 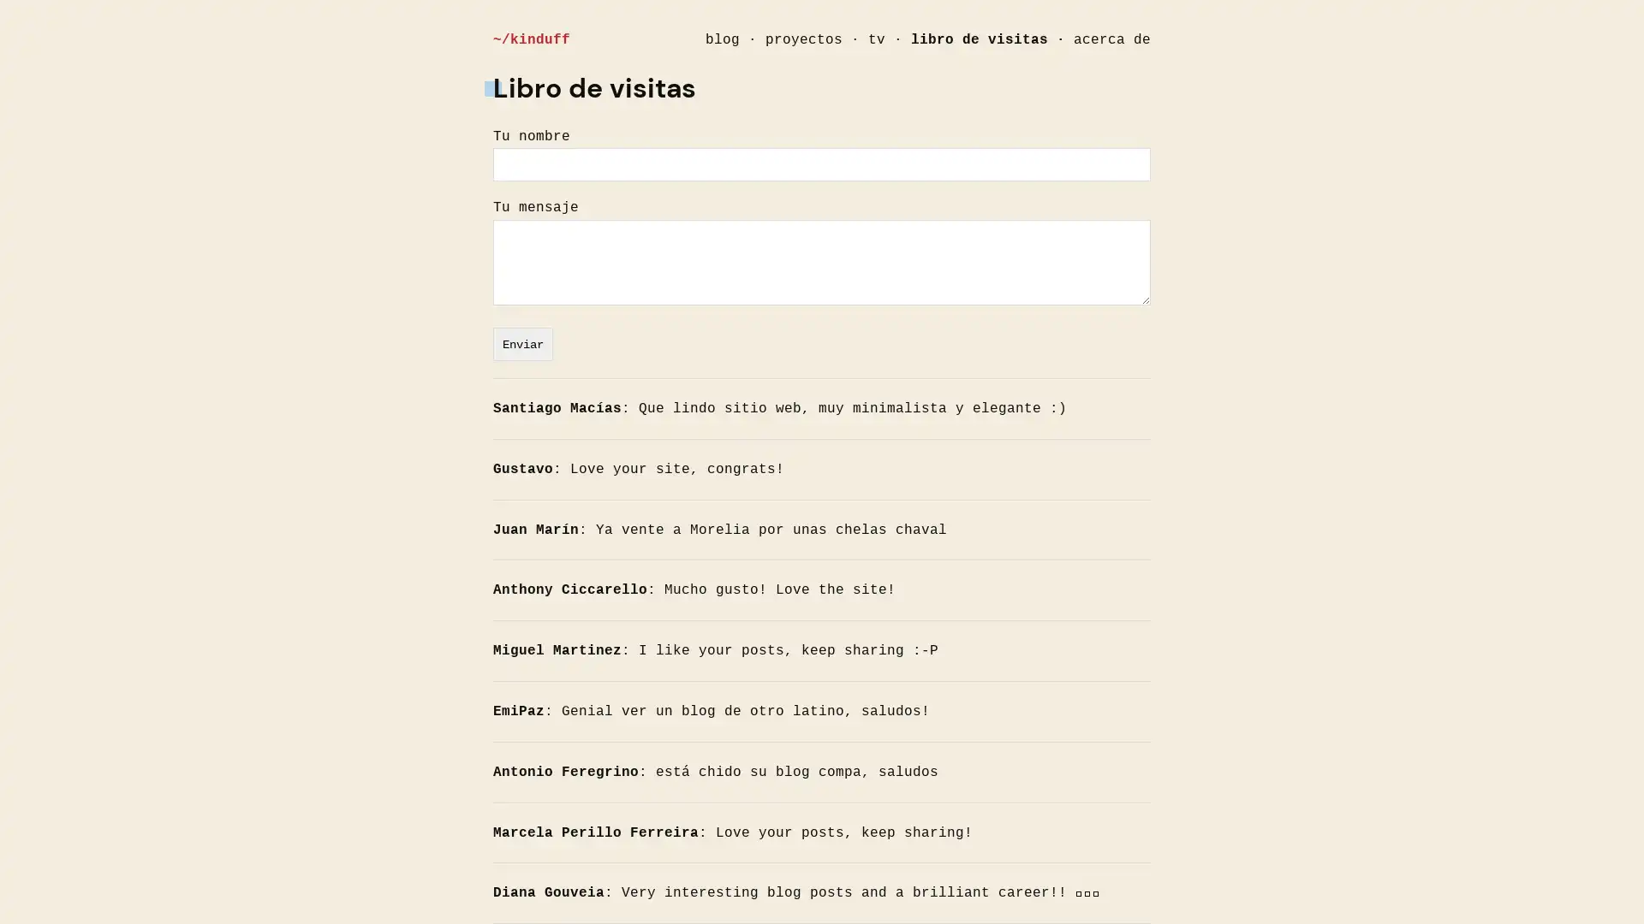 I want to click on Enviar, so click(x=521, y=344).